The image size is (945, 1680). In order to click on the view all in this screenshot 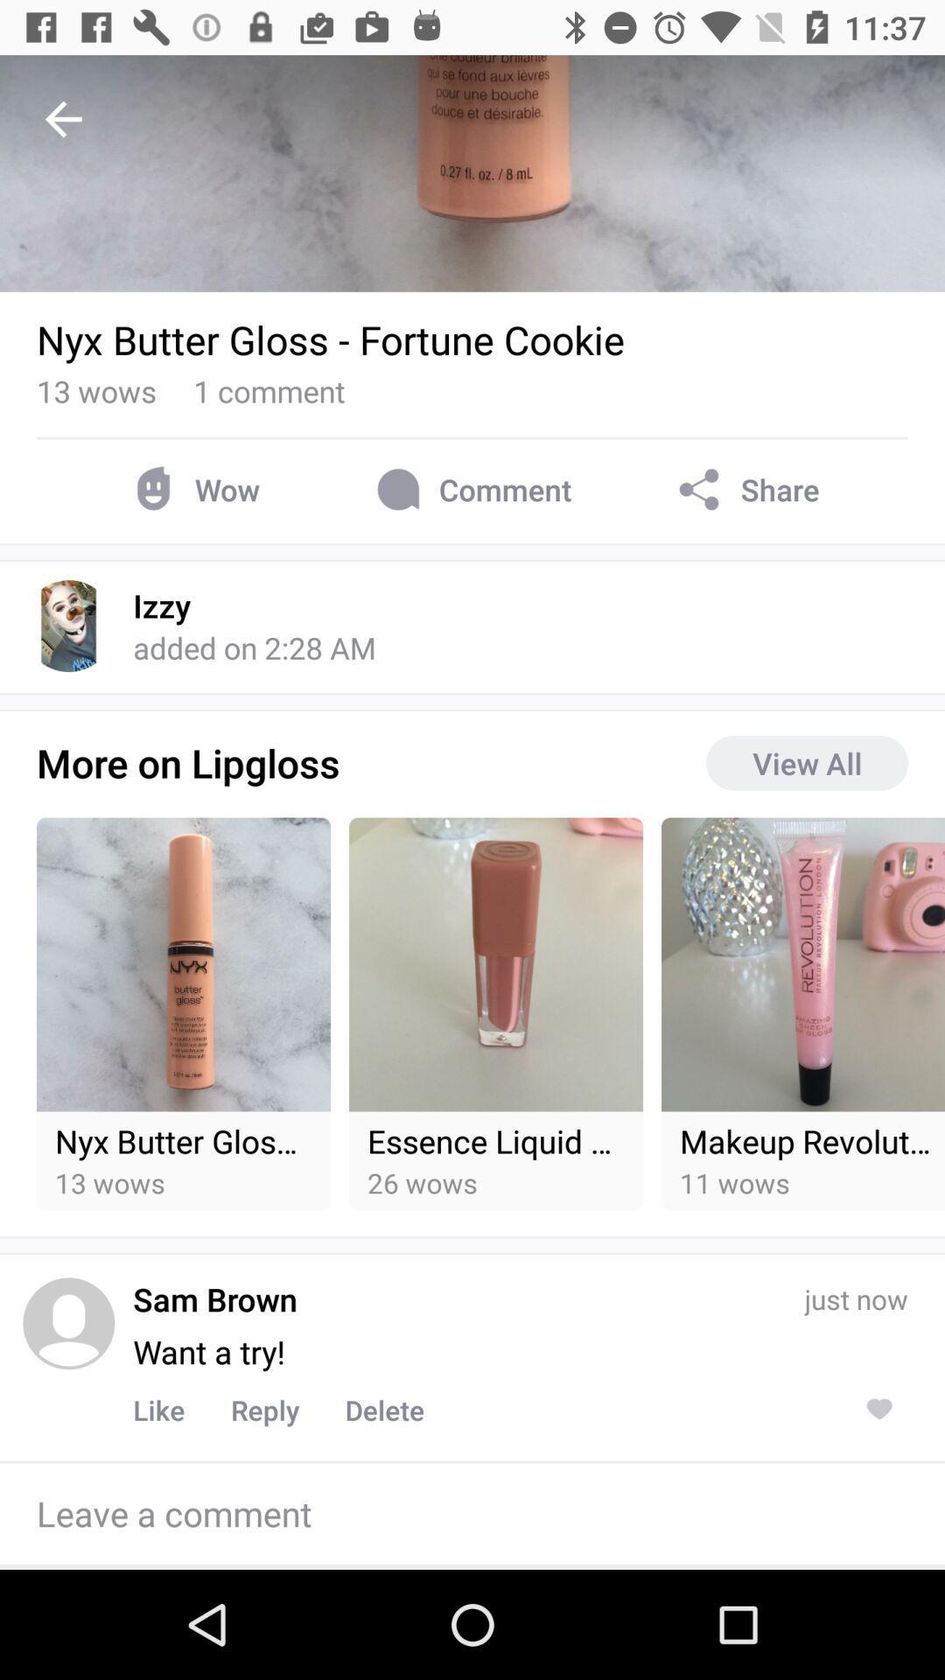, I will do `click(807, 763)`.